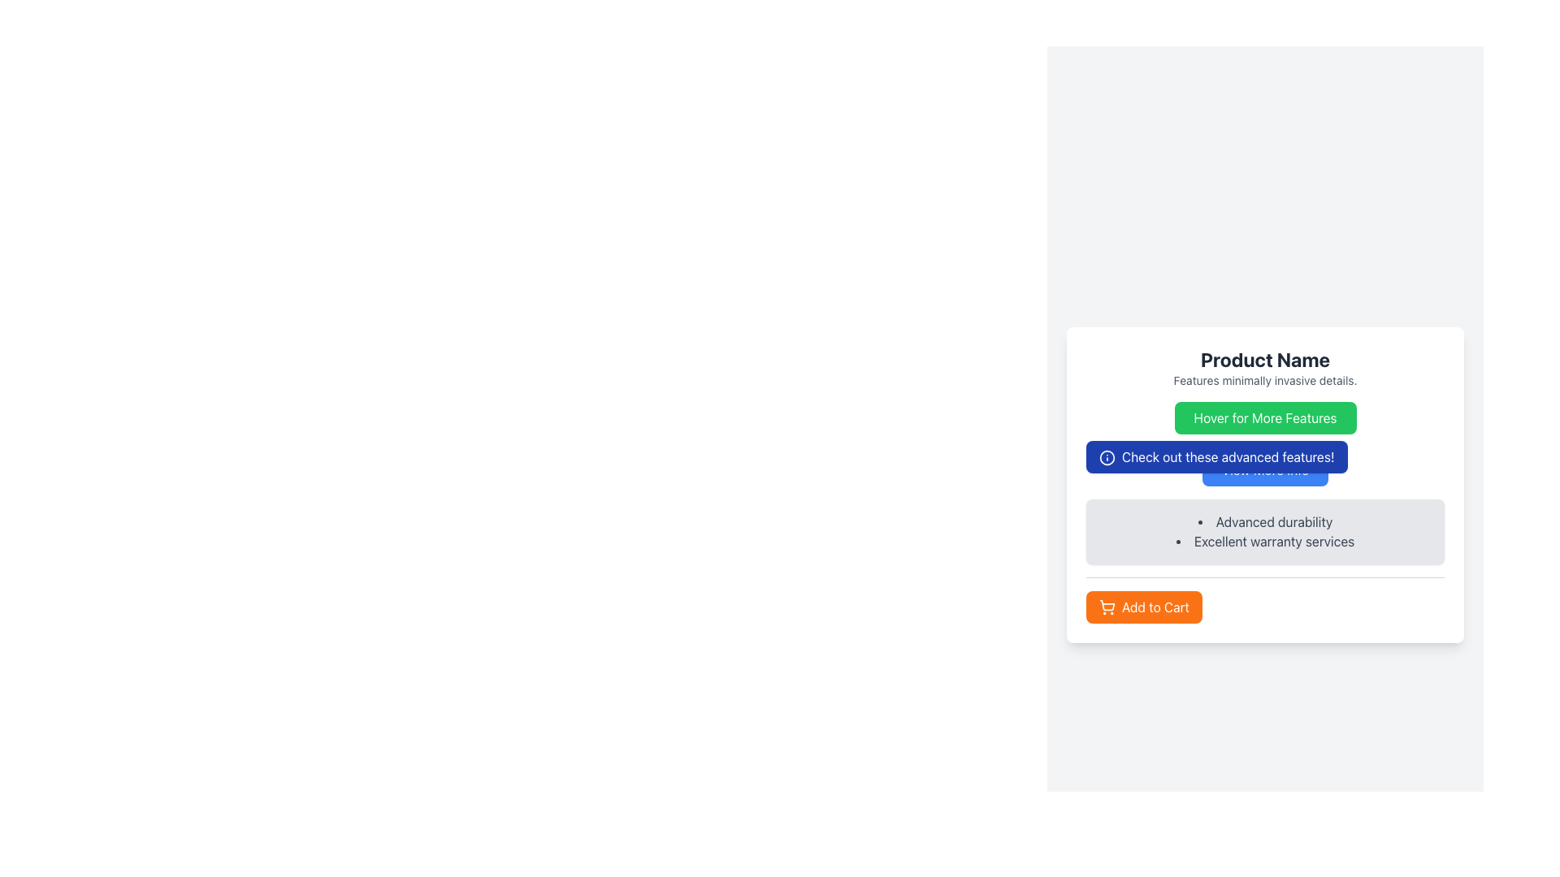 The width and height of the screenshot is (1560, 877). What do you see at coordinates (1107, 605) in the screenshot?
I see `the 'Add to Cart' button which contains the orange shopping cart icon as its third sub-component` at bounding box center [1107, 605].